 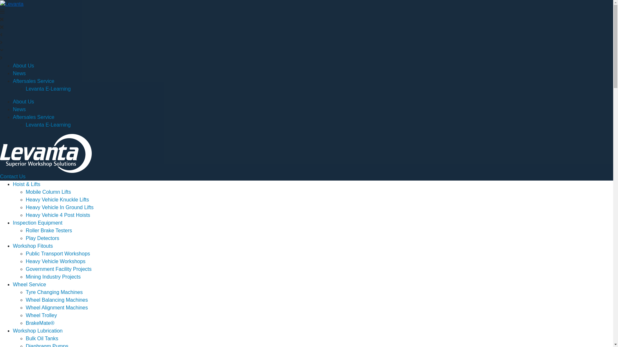 What do you see at coordinates (42, 338) in the screenshot?
I see `'Bulk Oil Tanks'` at bounding box center [42, 338].